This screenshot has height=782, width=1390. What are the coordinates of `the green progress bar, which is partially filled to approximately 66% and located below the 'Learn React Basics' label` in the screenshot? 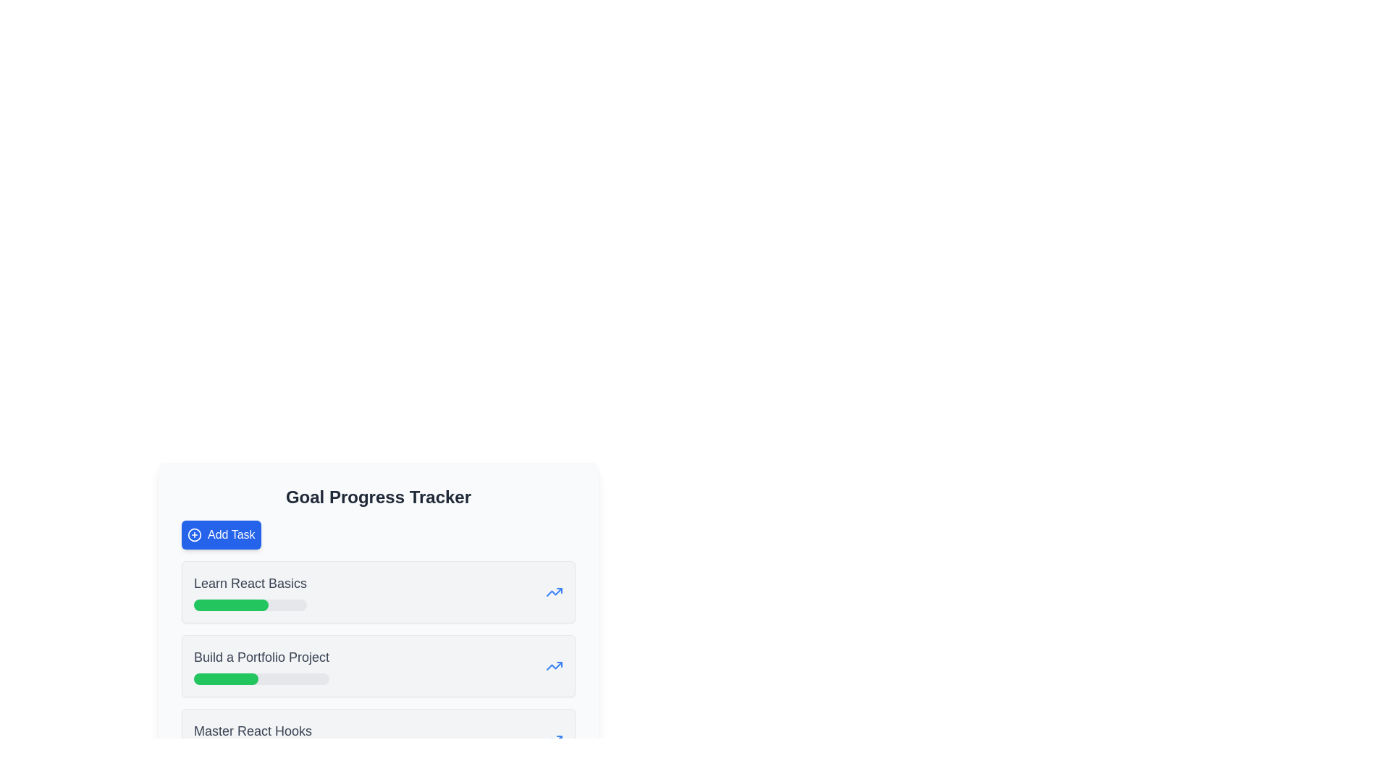 It's located at (230, 605).